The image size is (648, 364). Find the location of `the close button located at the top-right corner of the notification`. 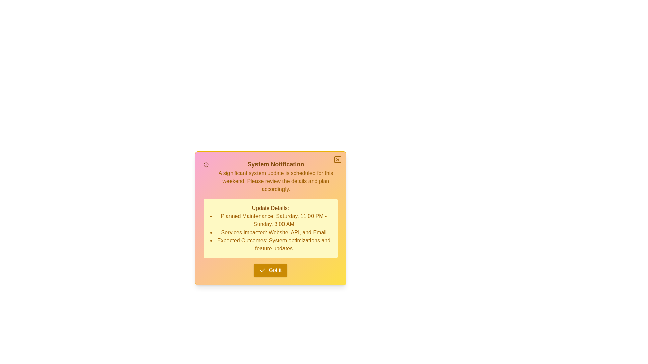

the close button located at the top-right corner of the notification is located at coordinates (337, 160).